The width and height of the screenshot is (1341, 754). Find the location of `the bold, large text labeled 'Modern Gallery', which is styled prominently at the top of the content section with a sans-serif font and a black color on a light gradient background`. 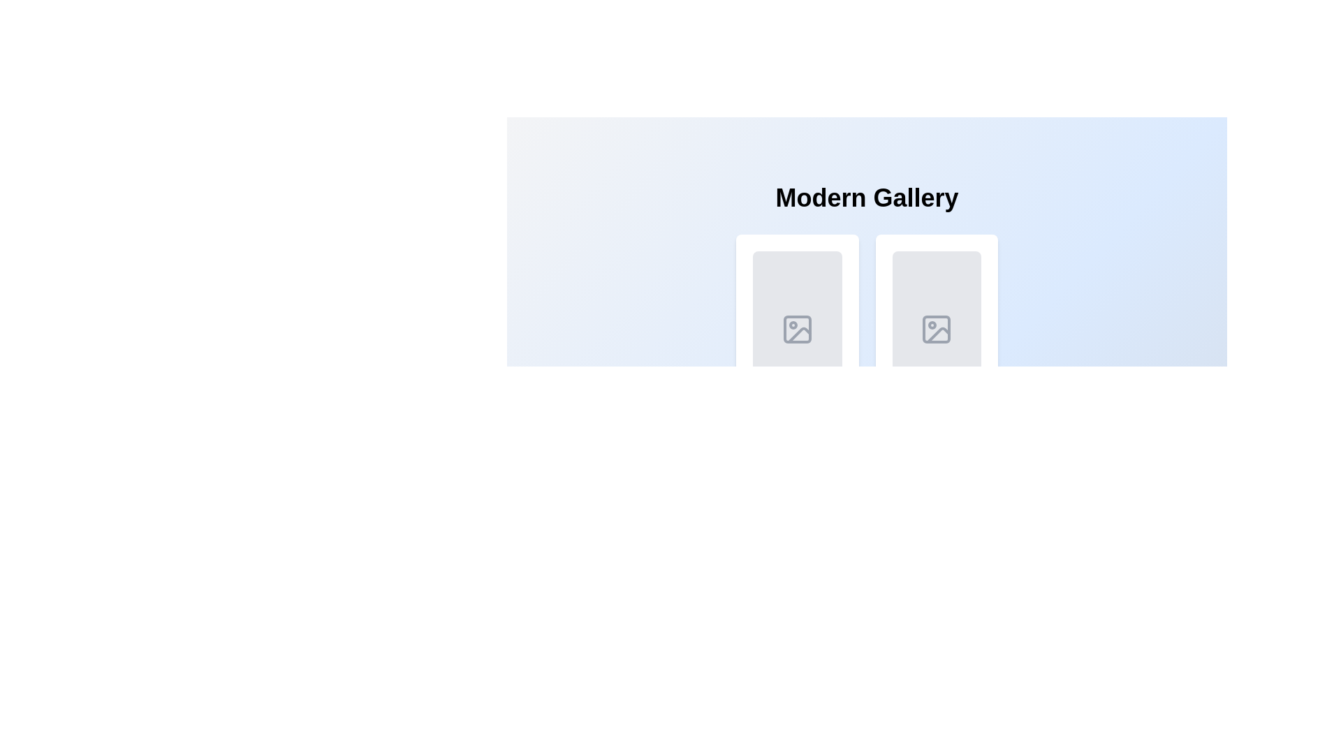

the bold, large text labeled 'Modern Gallery', which is styled prominently at the top of the content section with a sans-serif font and a black color on a light gradient background is located at coordinates (866, 198).